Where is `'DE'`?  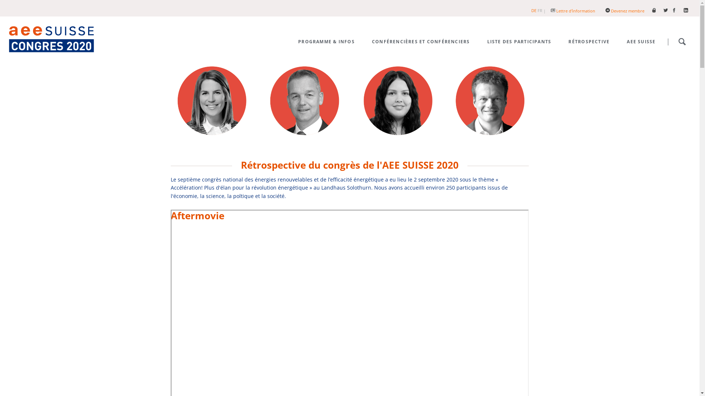
'DE' is located at coordinates (531, 10).